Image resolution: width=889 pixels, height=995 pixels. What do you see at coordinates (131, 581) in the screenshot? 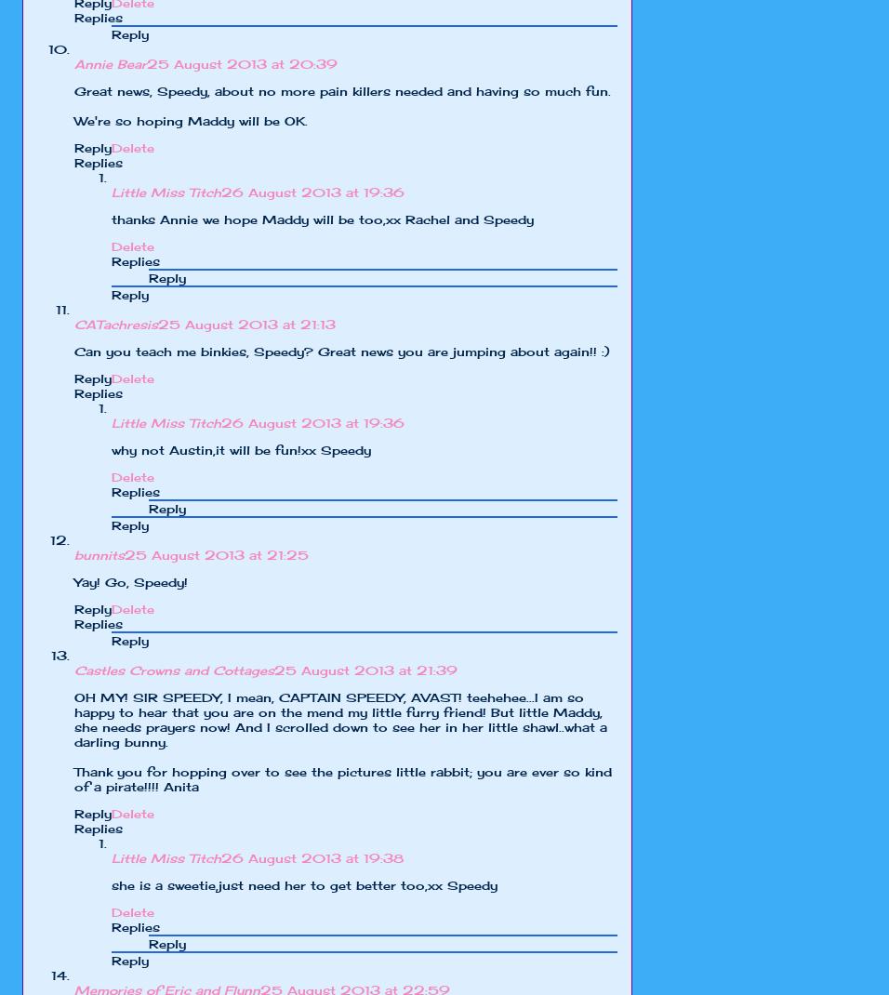
I see `'Yay!  Go, Speedy!'` at bounding box center [131, 581].